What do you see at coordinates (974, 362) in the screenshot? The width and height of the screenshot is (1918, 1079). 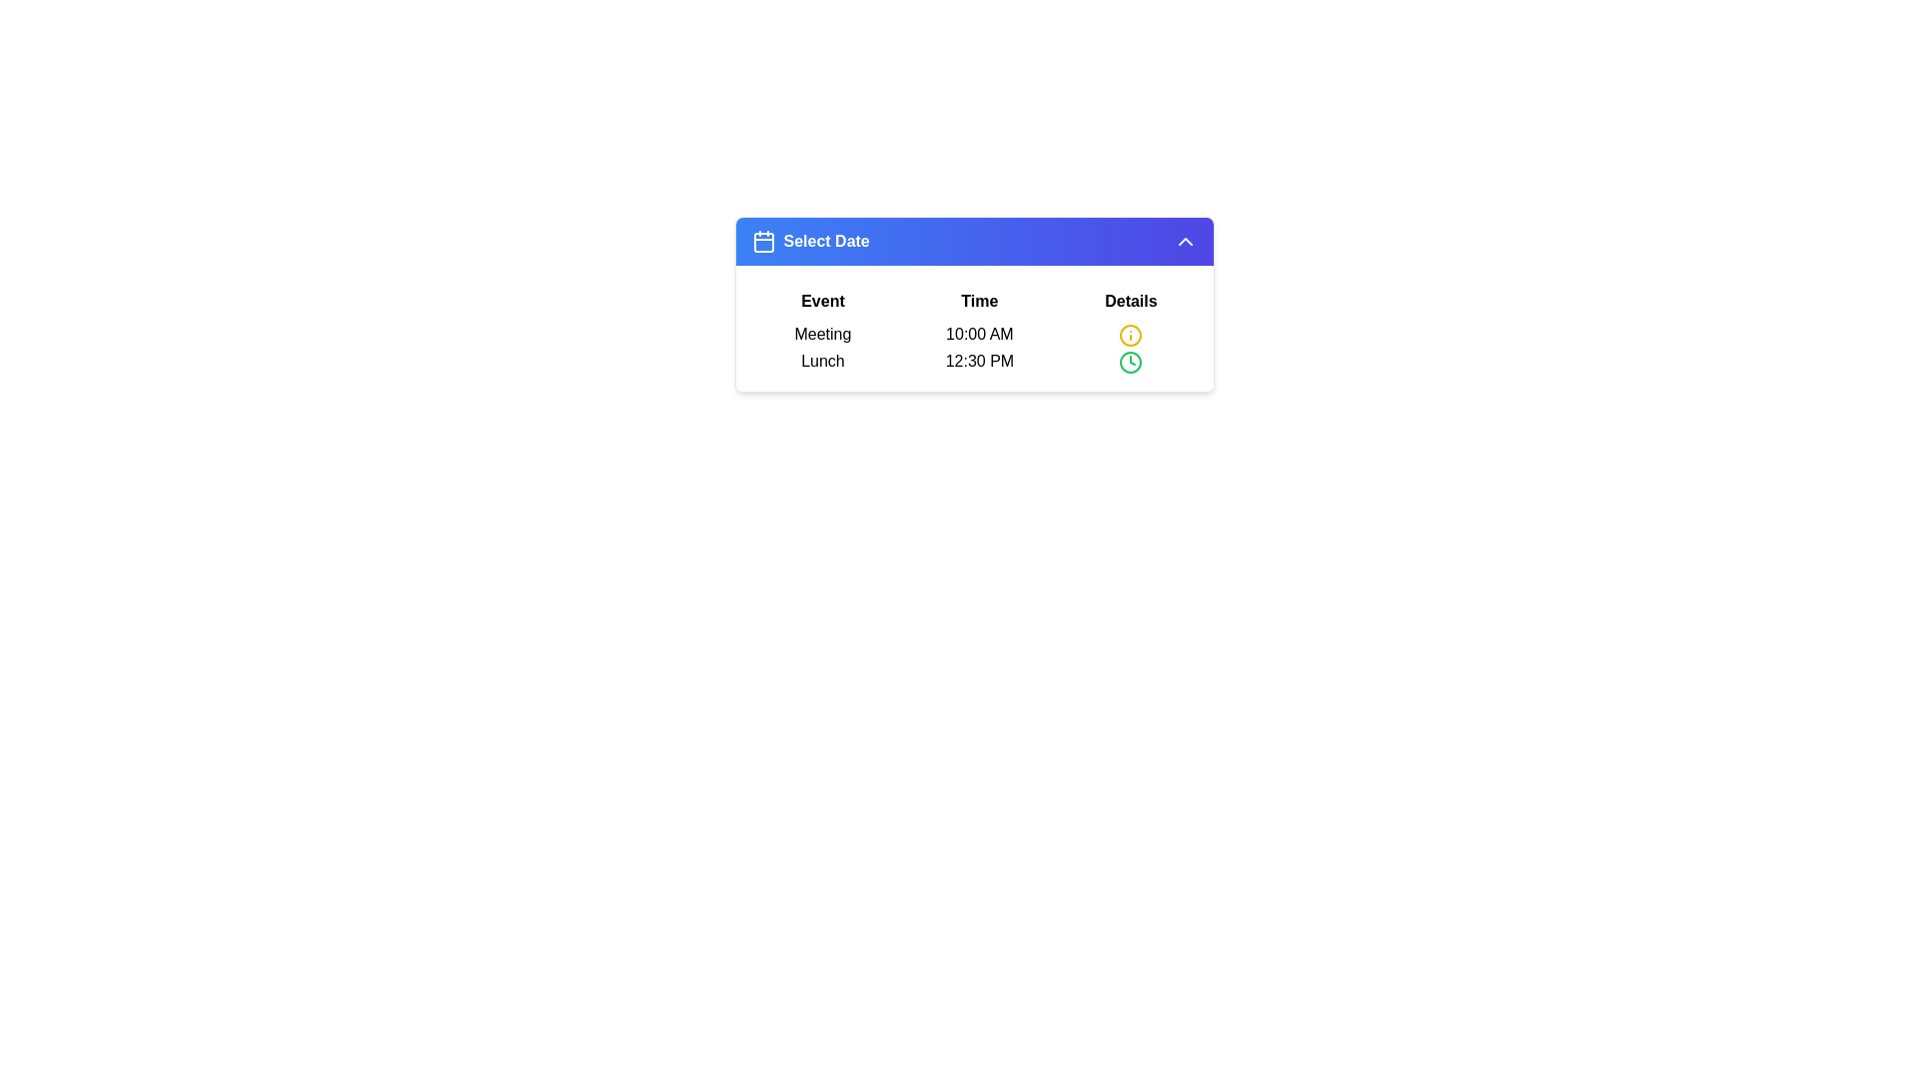 I see `scheduled event information displayed in the second row of the table, which contains the event name 'Lunch' and its scheduled time '12:30 PM'` at bounding box center [974, 362].